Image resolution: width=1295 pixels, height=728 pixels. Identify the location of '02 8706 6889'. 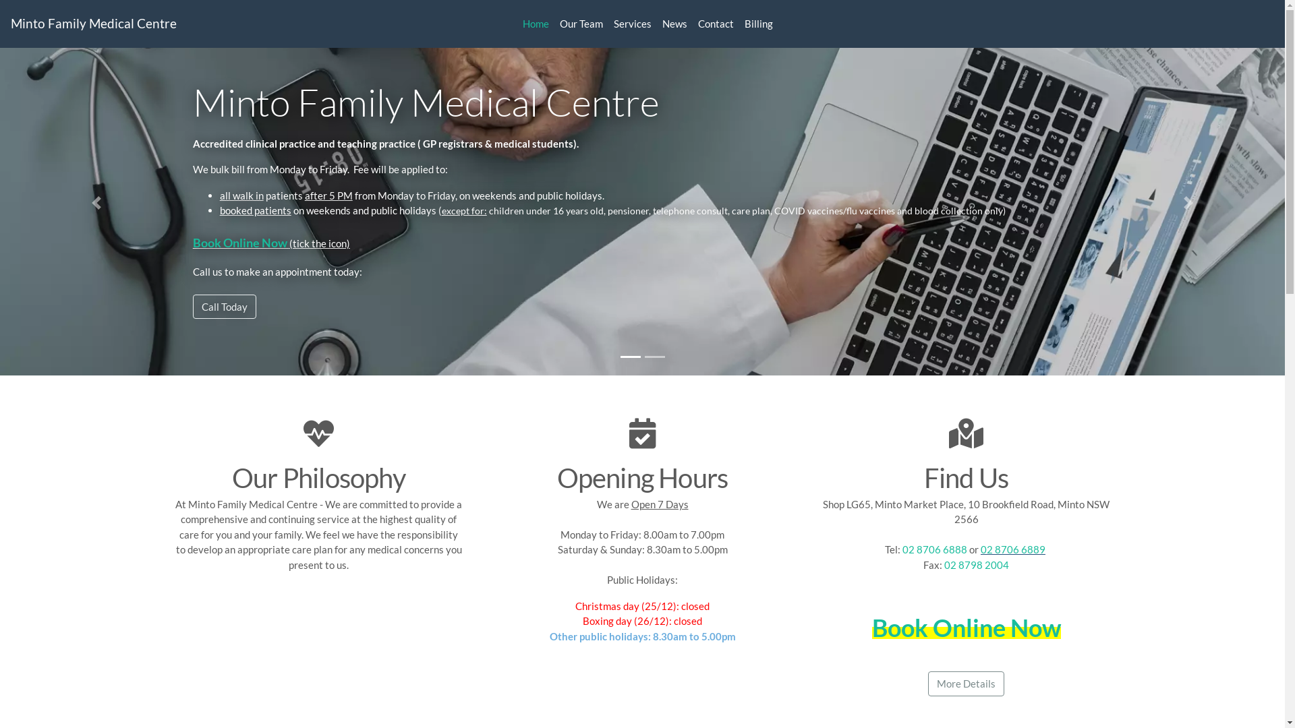
(1013, 549).